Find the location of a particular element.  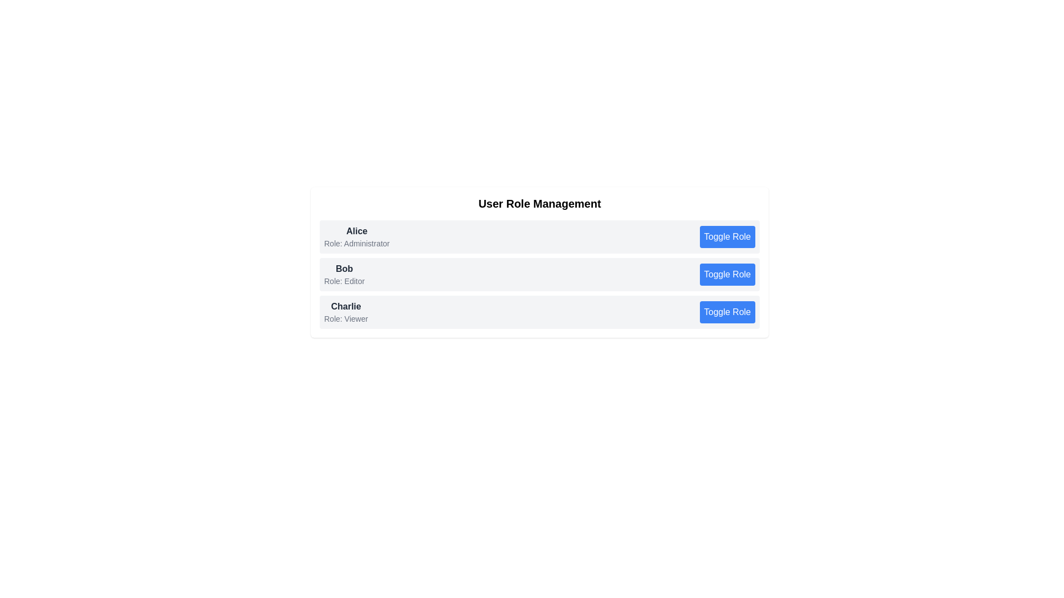

the text label 'Role: Administrator' located below 'Alice' in the user role management list is located at coordinates (357, 243).